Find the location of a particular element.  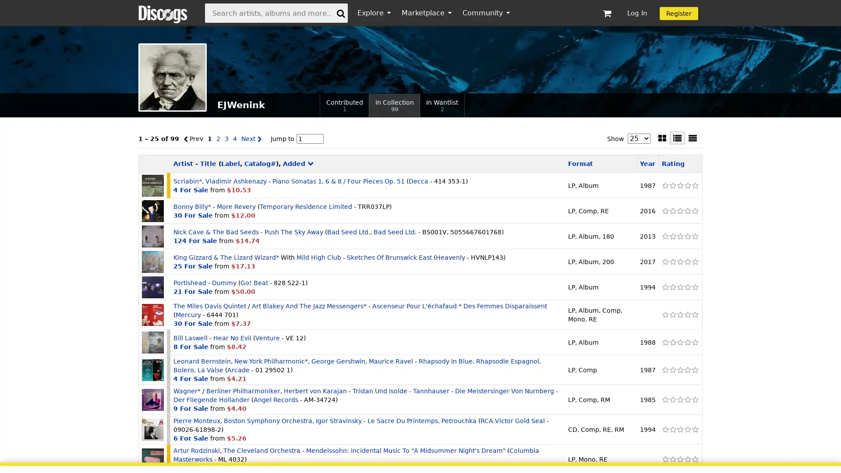

Rate this release 1 star. is located at coordinates (665, 459).